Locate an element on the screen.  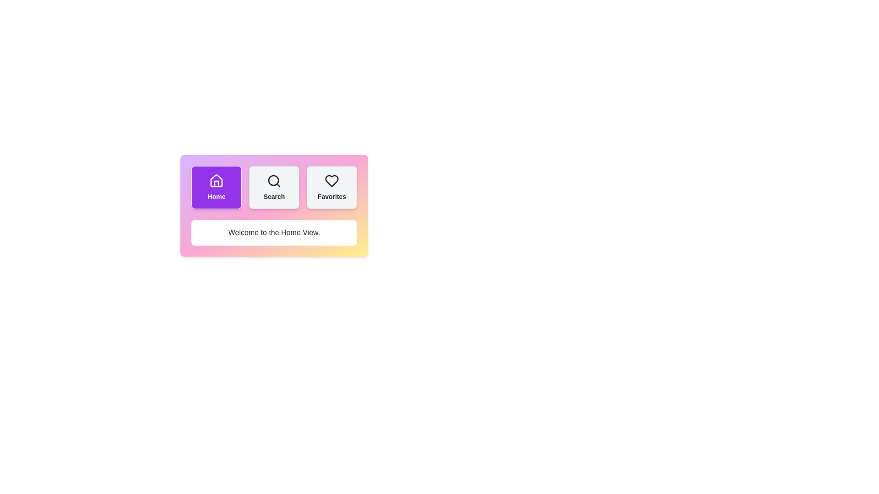
the 'Search' button, which is a rectangular button with a light gray background and a magnifying glass icon, located in the middle of a row of three buttons at the top center of the interface is located at coordinates (274, 187).